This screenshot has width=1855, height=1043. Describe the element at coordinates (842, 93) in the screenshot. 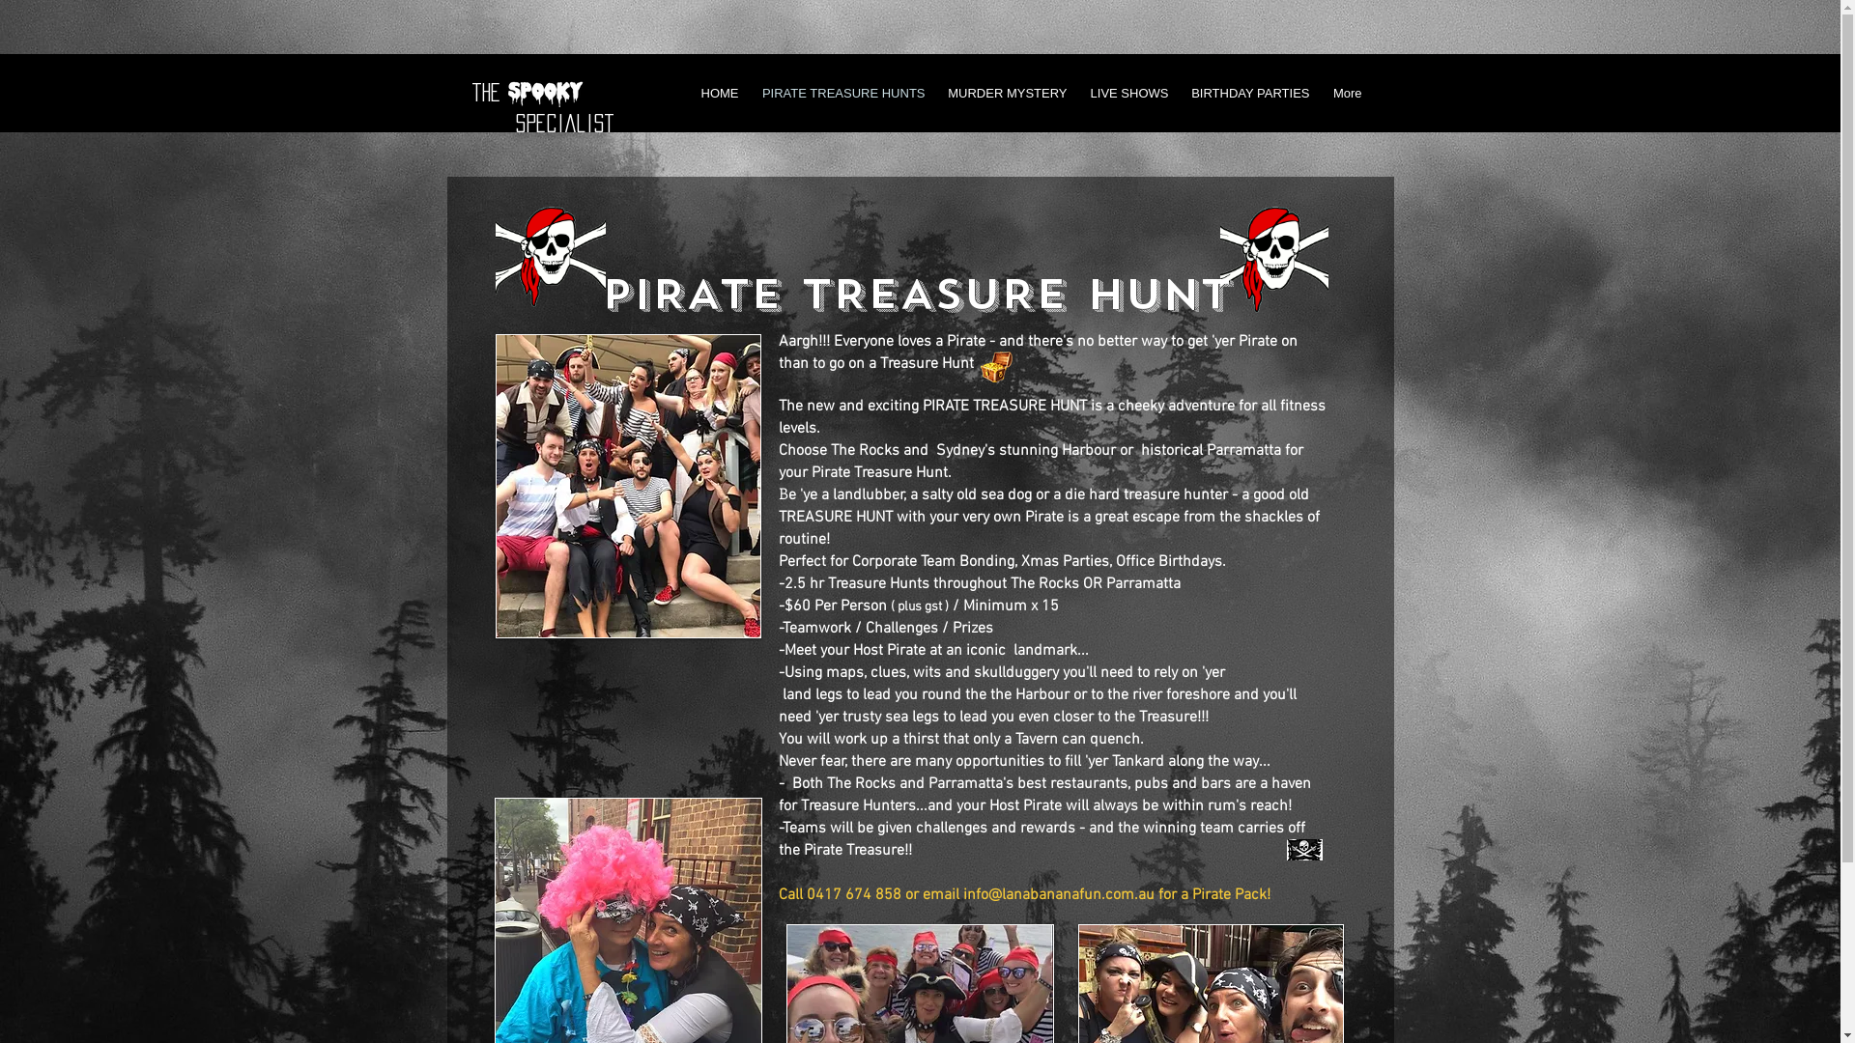

I see `'PIRATE TREASURE HUNTS'` at that location.